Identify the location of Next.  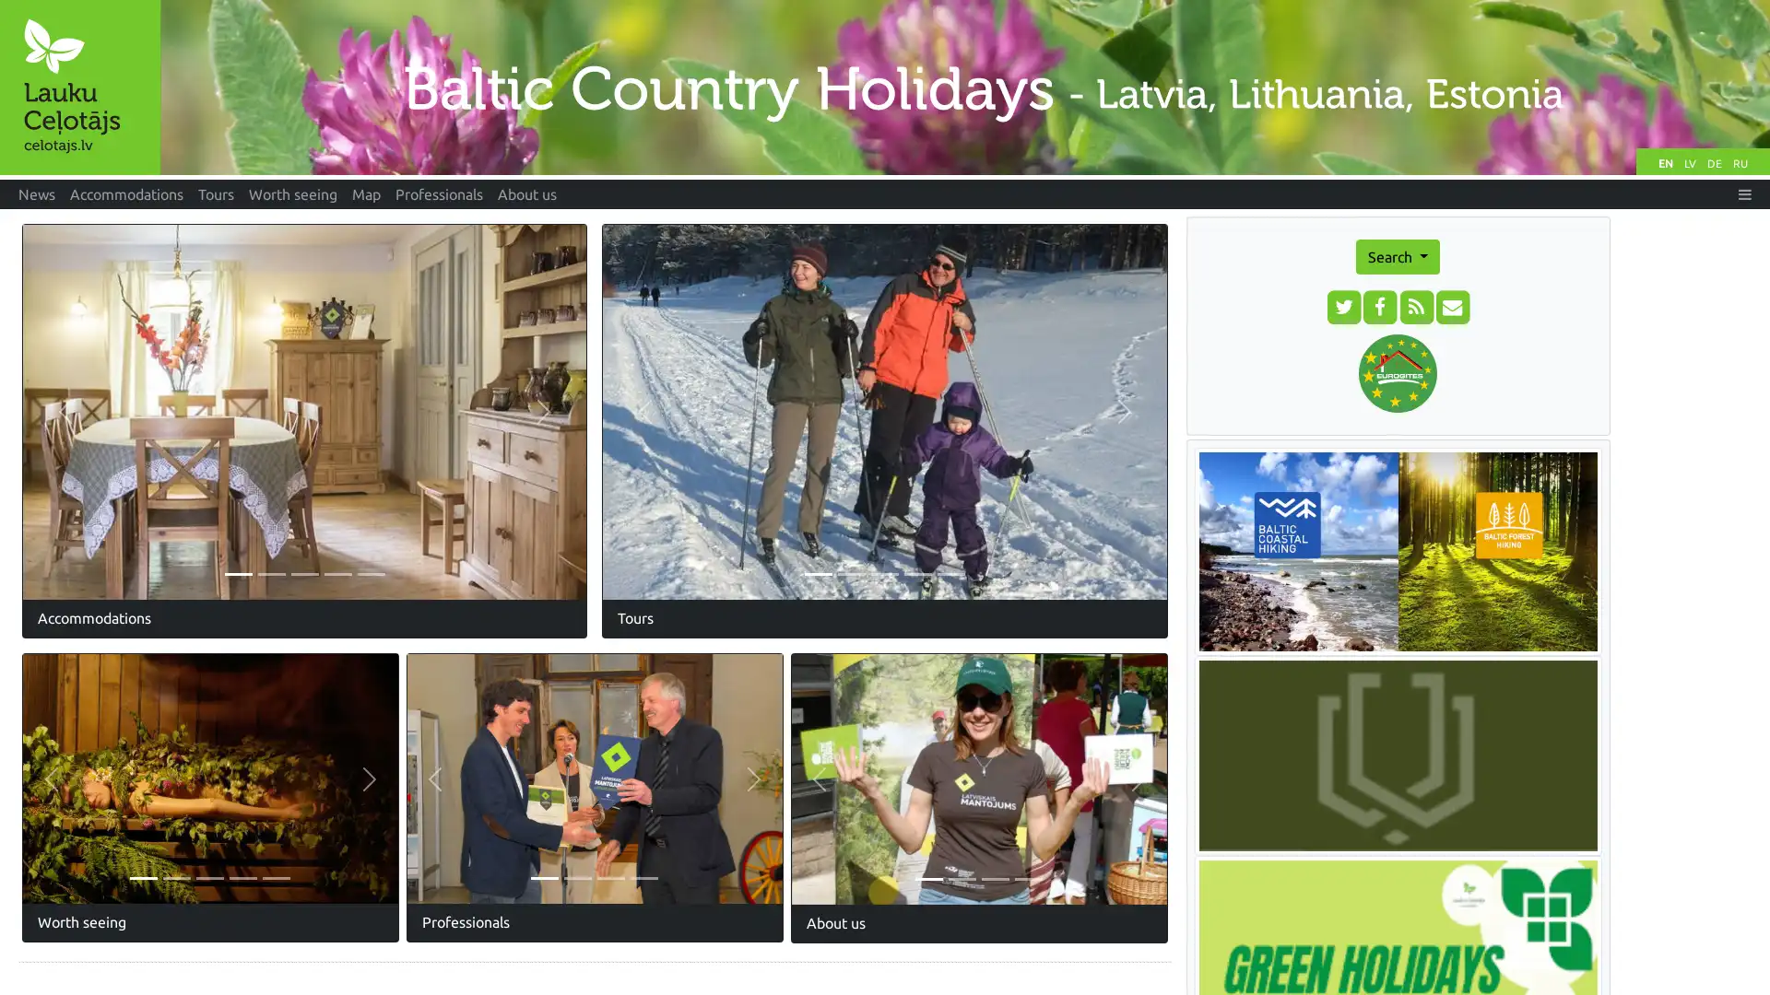
(1123, 411).